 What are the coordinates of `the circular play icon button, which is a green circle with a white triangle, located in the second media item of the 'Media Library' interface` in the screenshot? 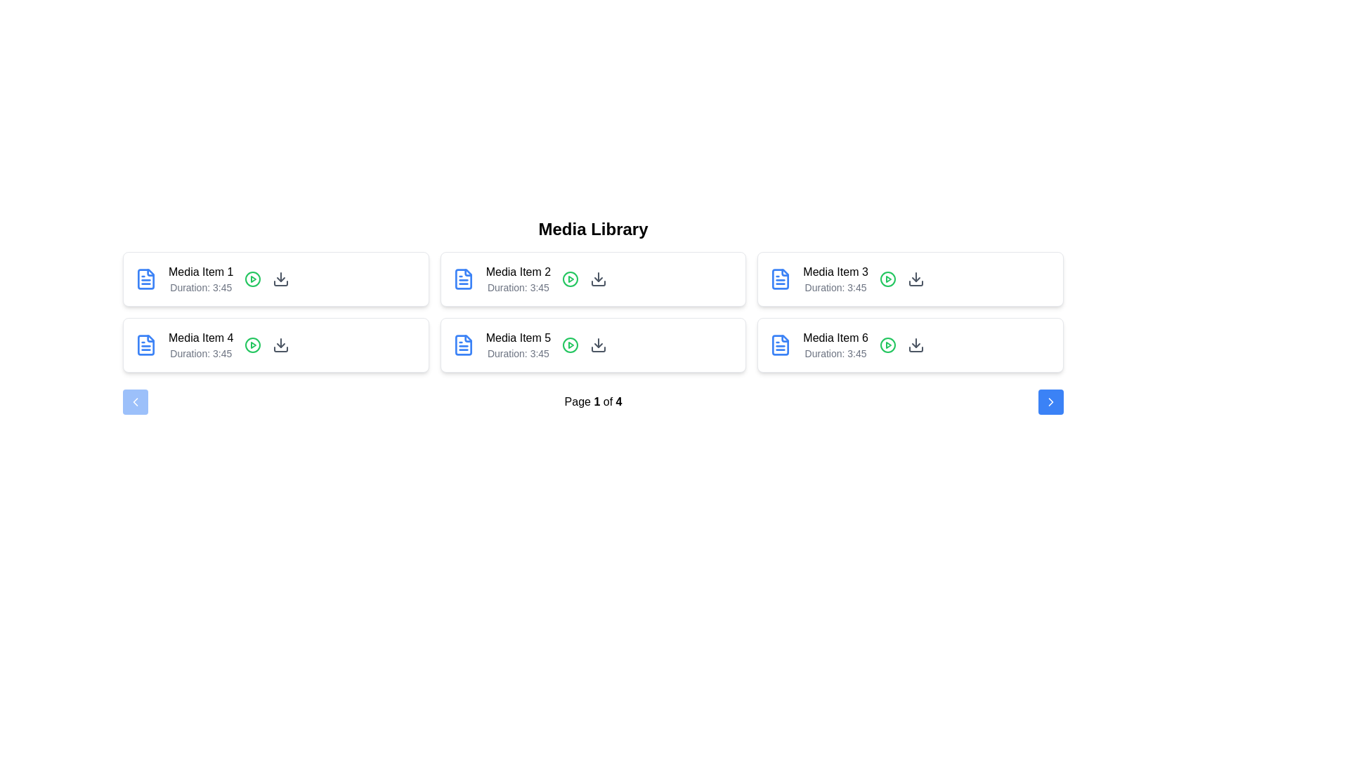 It's located at (571, 279).